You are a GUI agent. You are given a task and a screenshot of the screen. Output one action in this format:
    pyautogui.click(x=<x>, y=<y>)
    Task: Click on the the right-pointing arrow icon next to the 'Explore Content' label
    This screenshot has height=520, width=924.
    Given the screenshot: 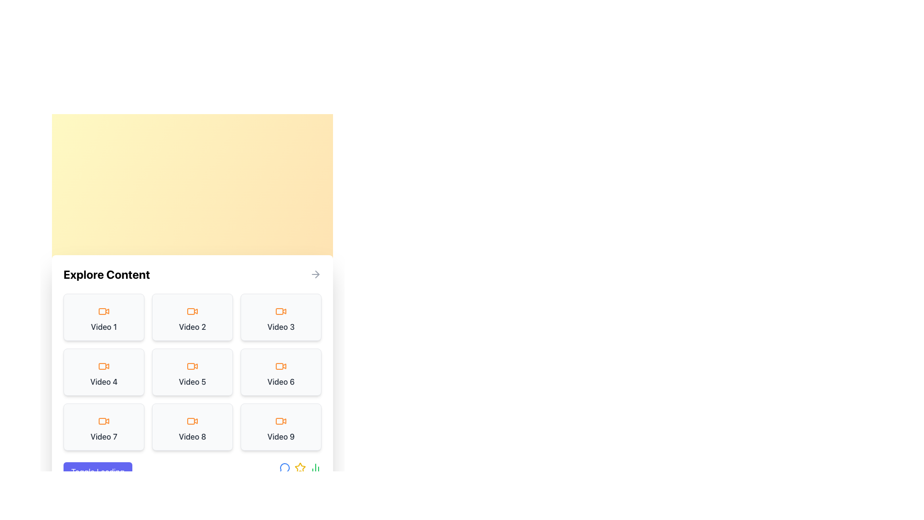 What is the action you would take?
    pyautogui.click(x=316, y=274)
    